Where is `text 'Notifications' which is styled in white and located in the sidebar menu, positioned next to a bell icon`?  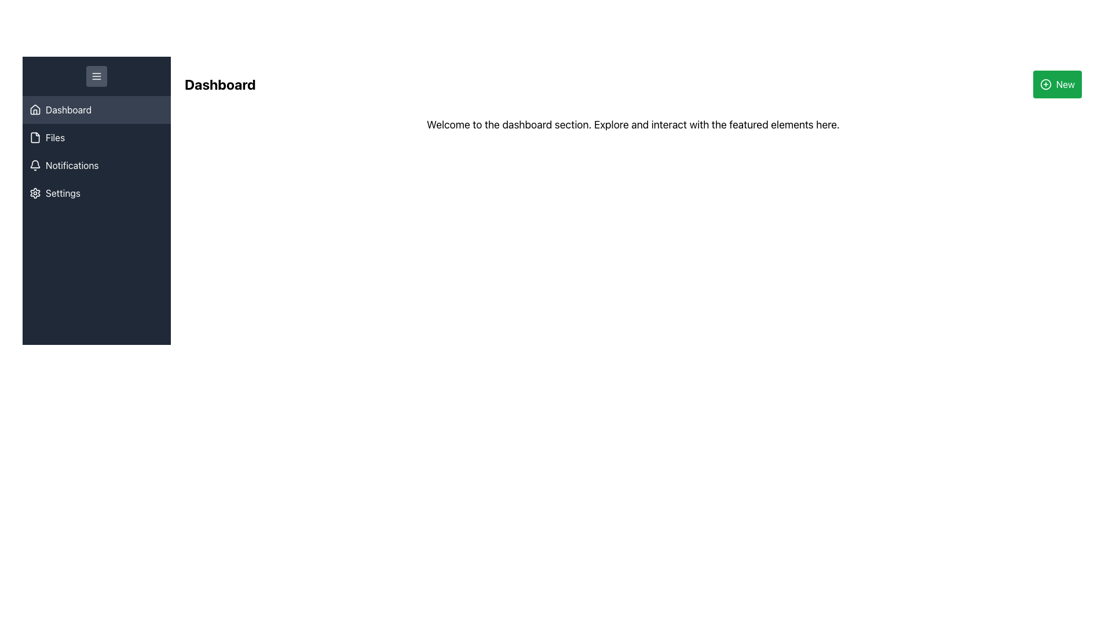 text 'Notifications' which is styled in white and located in the sidebar menu, positioned next to a bell icon is located at coordinates (71, 165).